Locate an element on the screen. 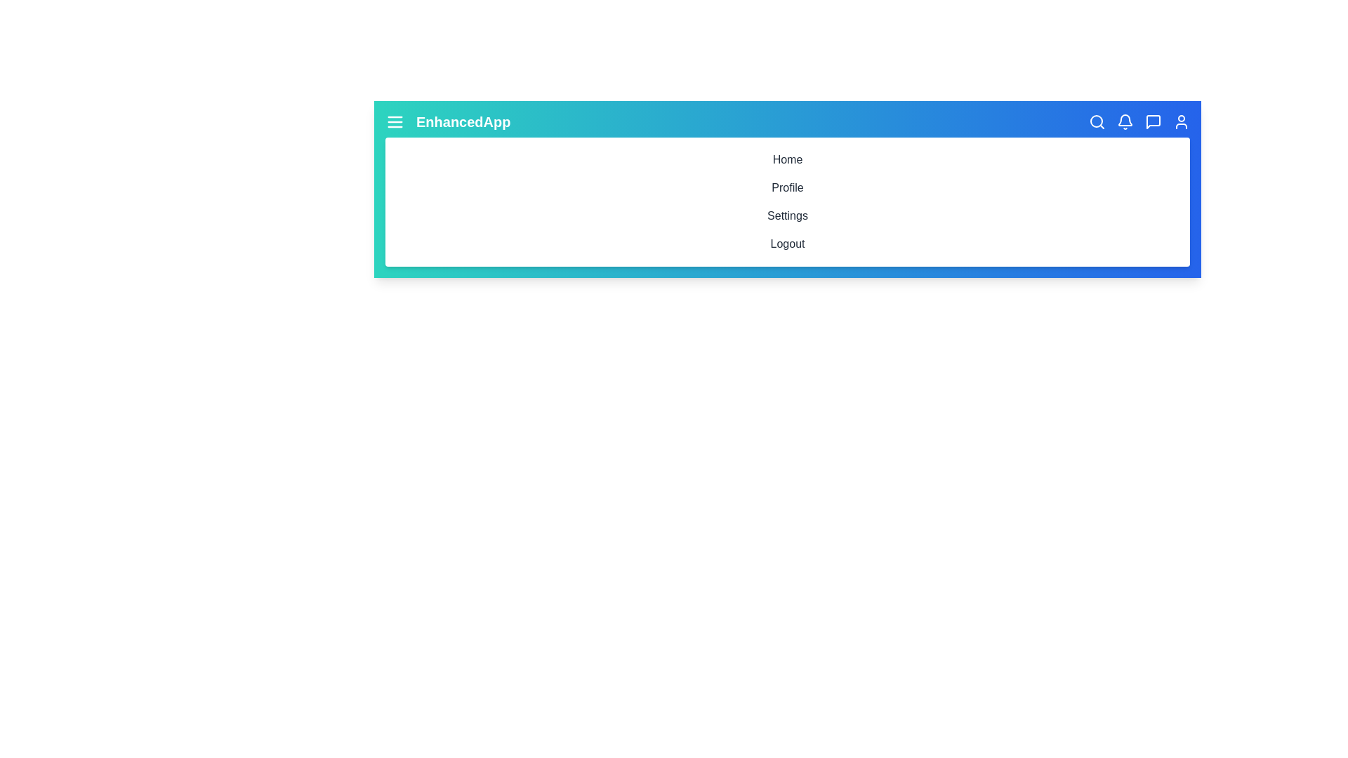  the navigation item Settings in the menu is located at coordinates (788, 216).